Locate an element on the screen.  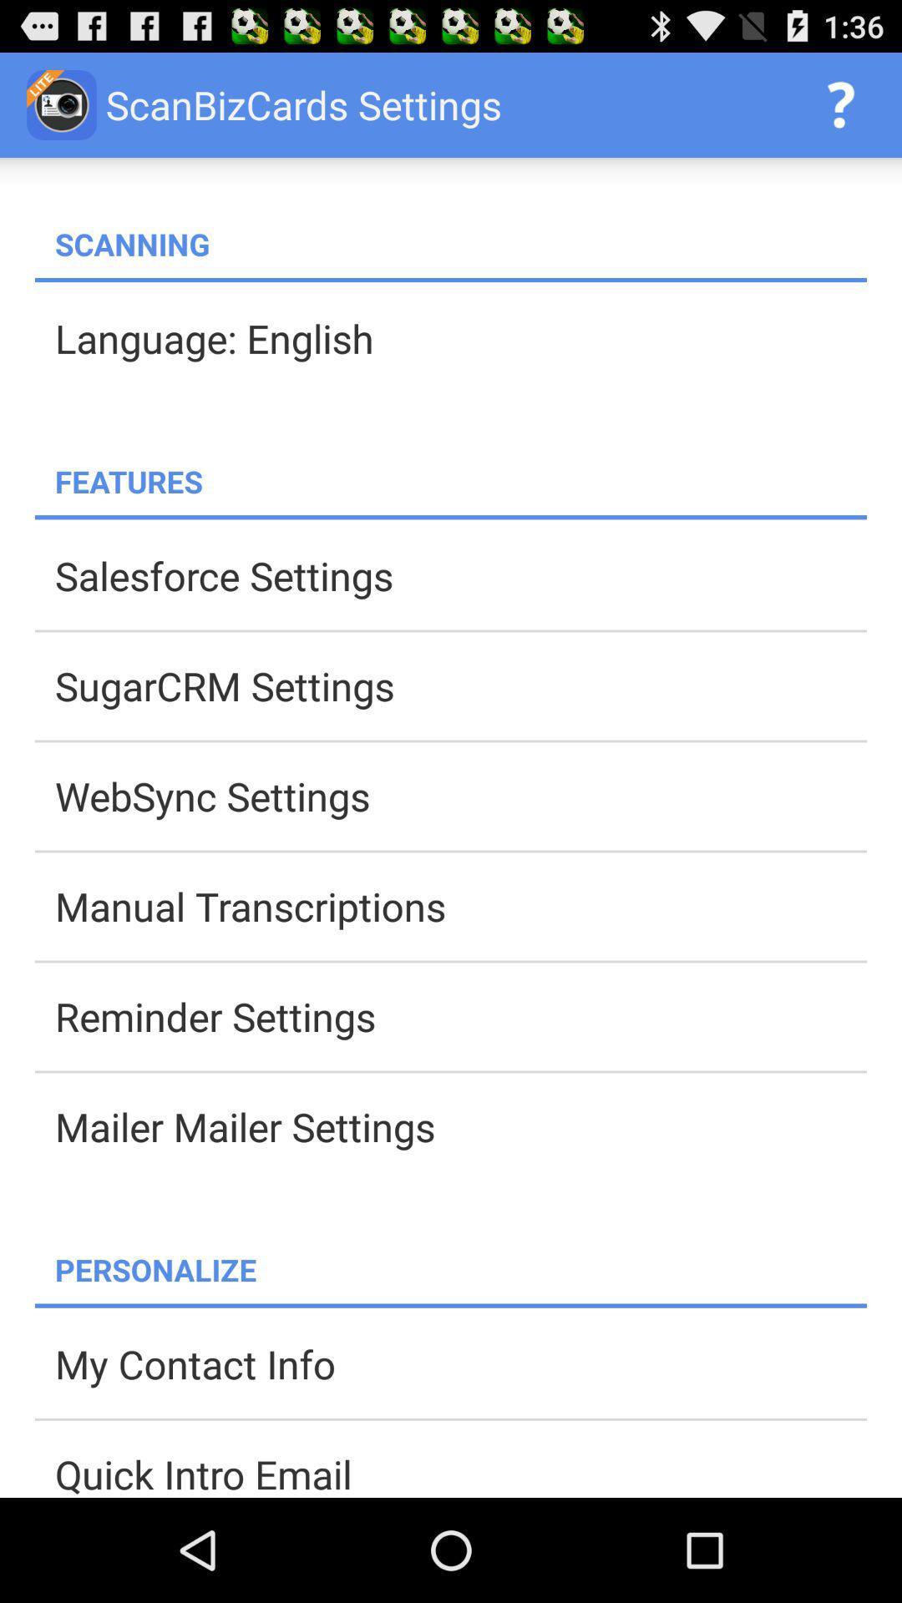
mailer mailer settings icon is located at coordinates (460, 1126).